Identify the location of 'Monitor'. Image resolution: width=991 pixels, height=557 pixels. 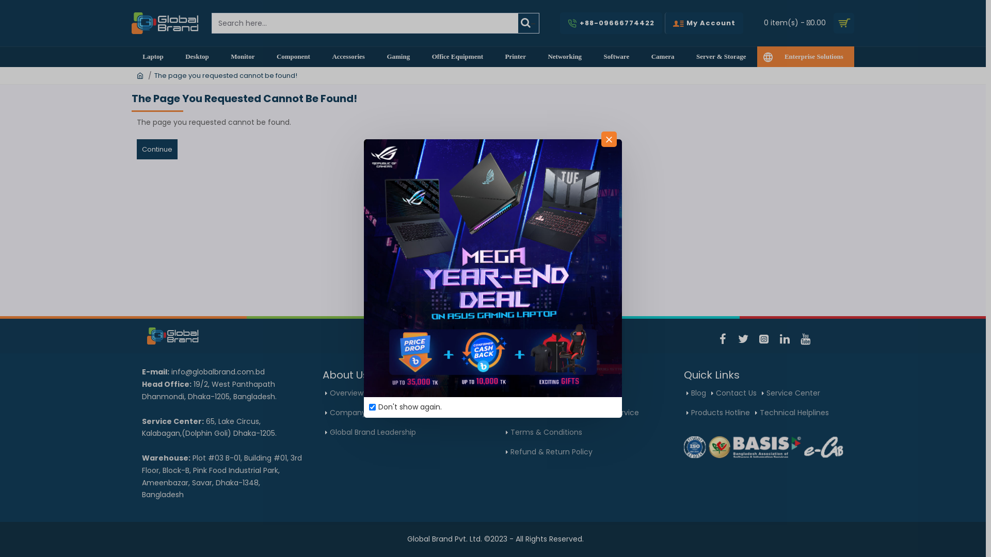
(219, 57).